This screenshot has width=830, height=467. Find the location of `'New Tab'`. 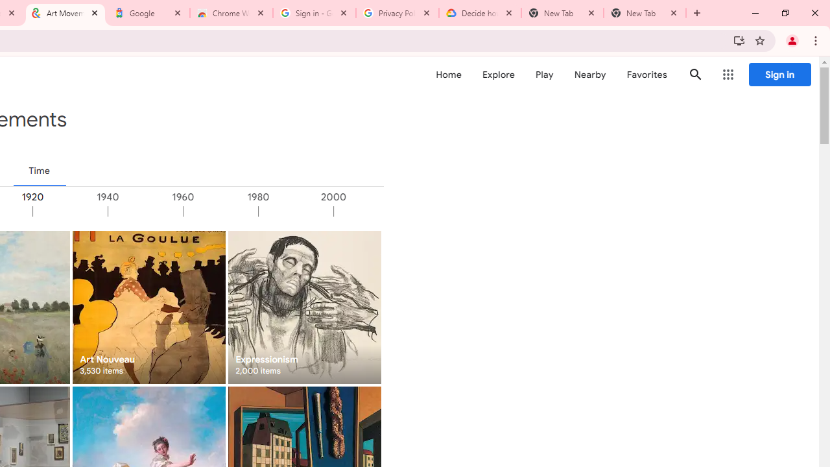

'New Tab' is located at coordinates (645, 13).